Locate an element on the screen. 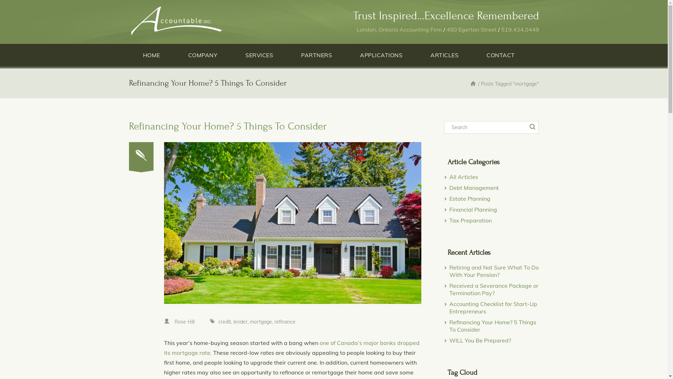  'SERVICES' is located at coordinates (259, 55).